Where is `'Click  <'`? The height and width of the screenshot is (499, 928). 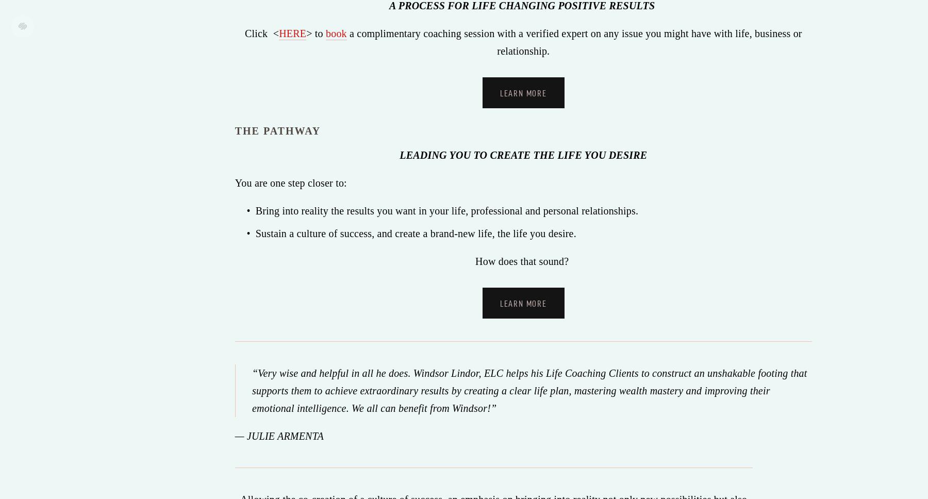
'Click  <' is located at coordinates (261, 32).